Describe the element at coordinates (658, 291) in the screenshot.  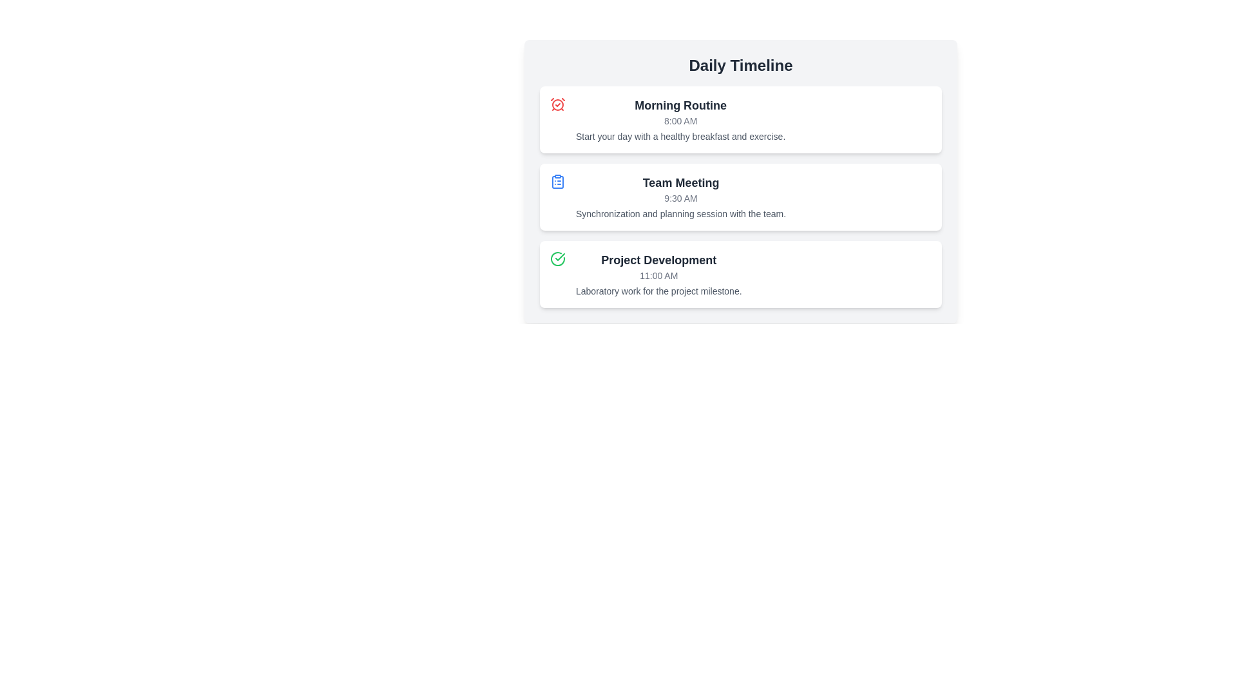
I see `text content of the Text Label providing additional context for the 'Project Development' event, located below the title and time in the rightmost card of the timeline layout` at that location.